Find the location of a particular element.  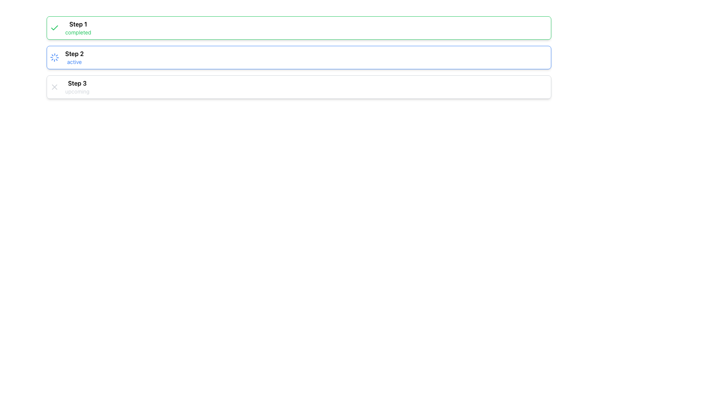

the status indicator text label showing 'active' for 'Step 2' in the stepper interface is located at coordinates (74, 62).